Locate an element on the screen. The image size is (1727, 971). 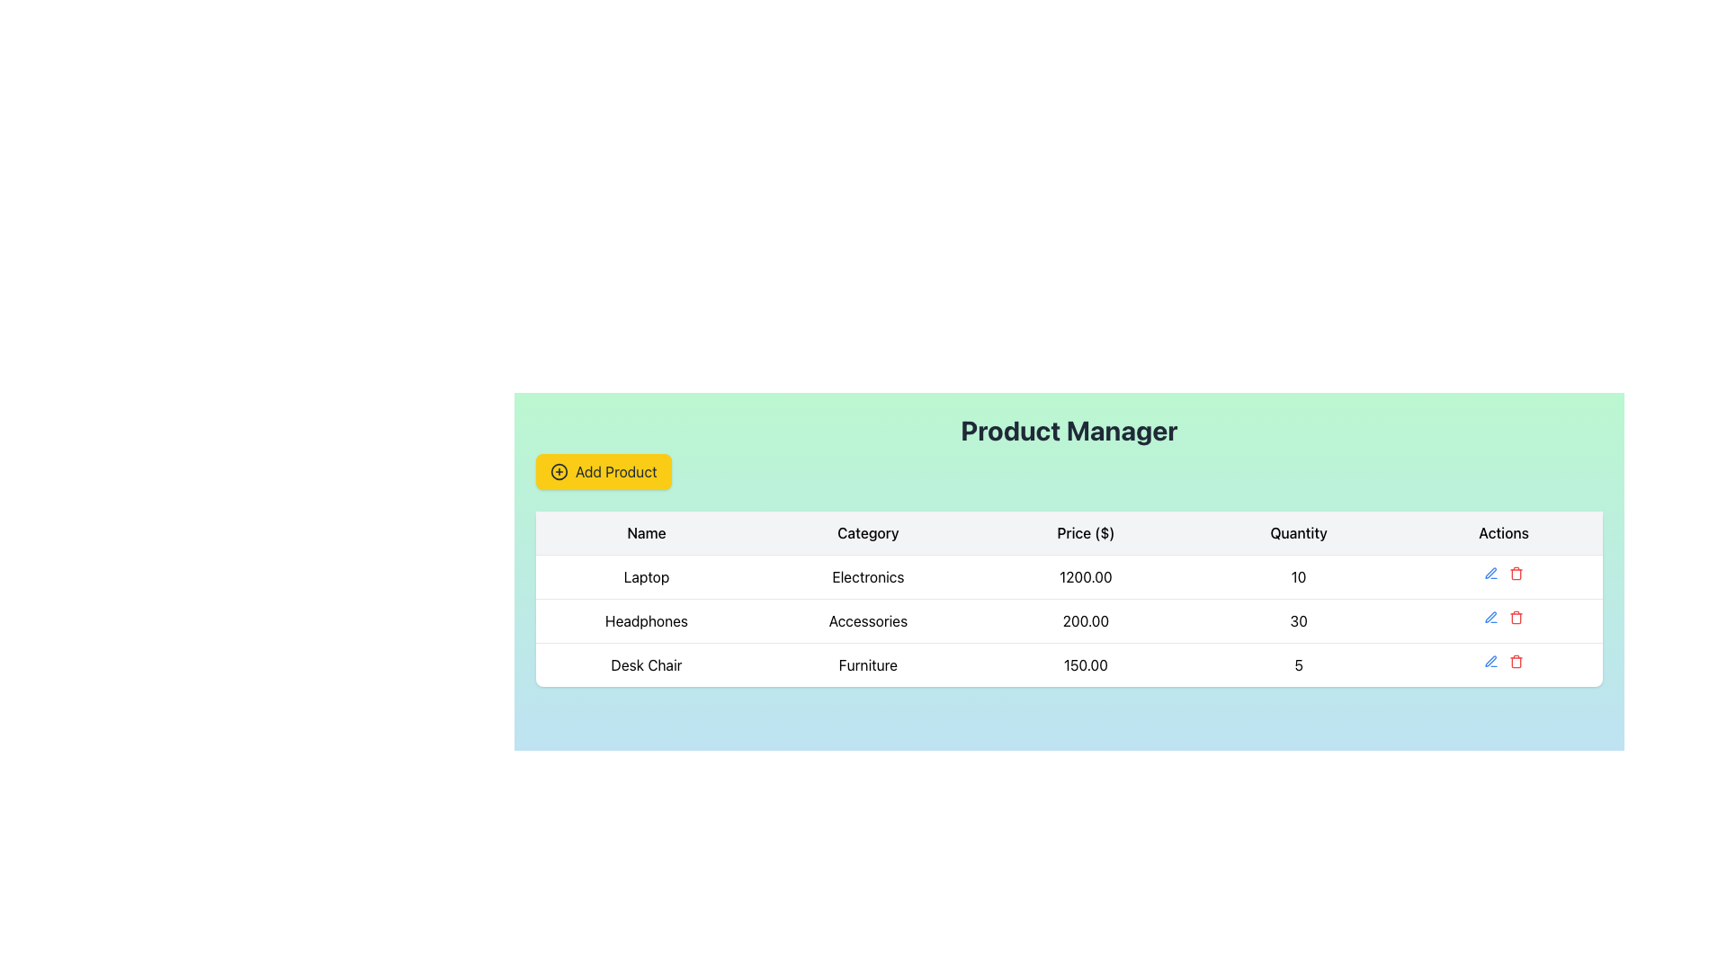
the static text field displaying the quantity value for 'Desk Chair' in the product management interface, which is located in the fourth column of the last row under the 'Quantity' column is located at coordinates (1299, 664).